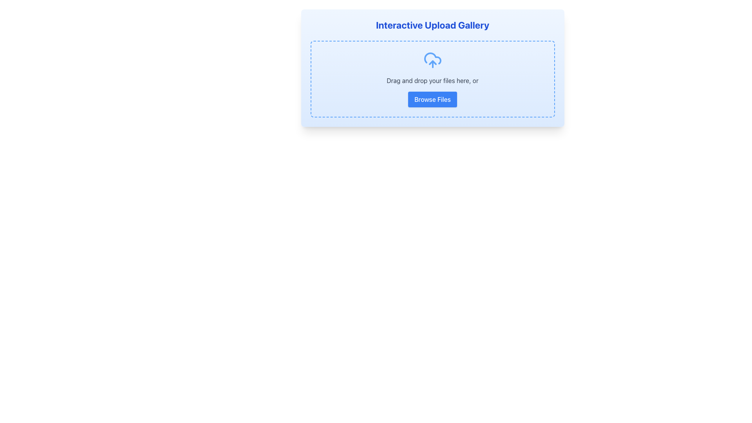 The image size is (752, 423). I want to click on the File Upload Area which features a dashed blue border, rounded corners, and contains the text 'Drag and drop your files here, or' along with a 'Browse Files' button, so click(432, 79).